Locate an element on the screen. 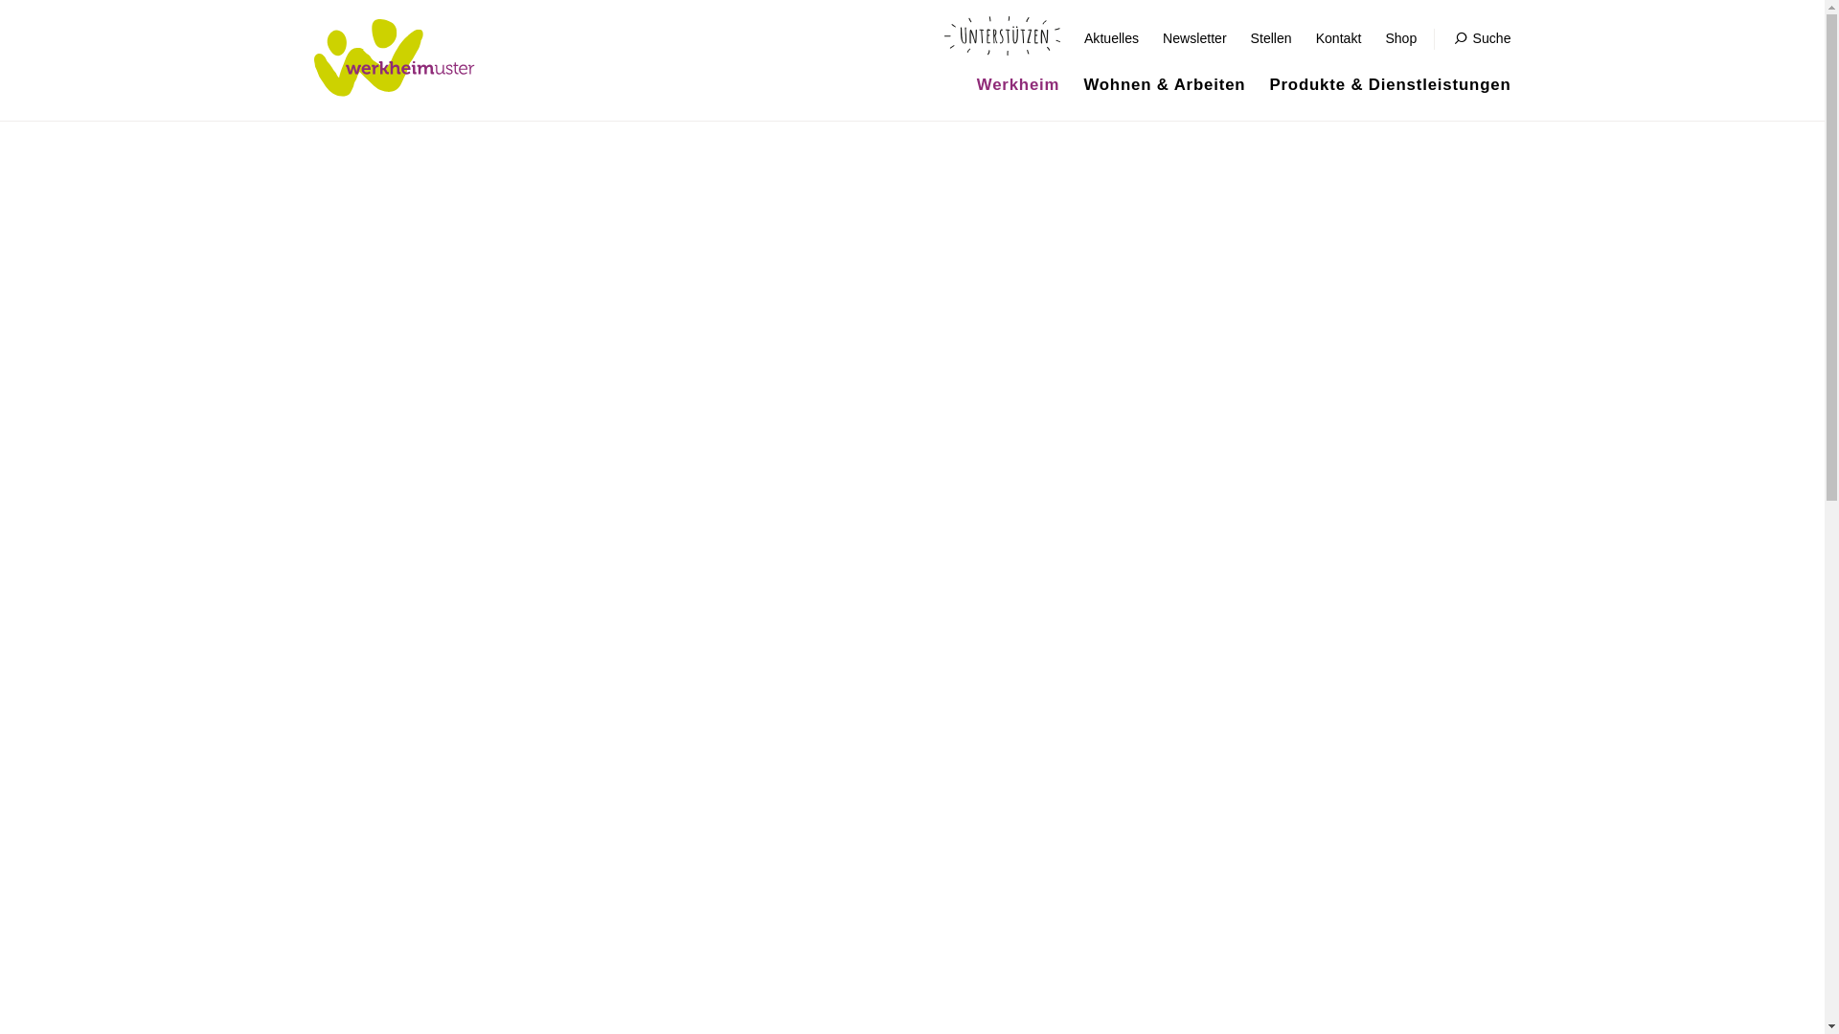 This screenshot has width=1839, height=1034. 'Suche' is located at coordinates (1482, 38).